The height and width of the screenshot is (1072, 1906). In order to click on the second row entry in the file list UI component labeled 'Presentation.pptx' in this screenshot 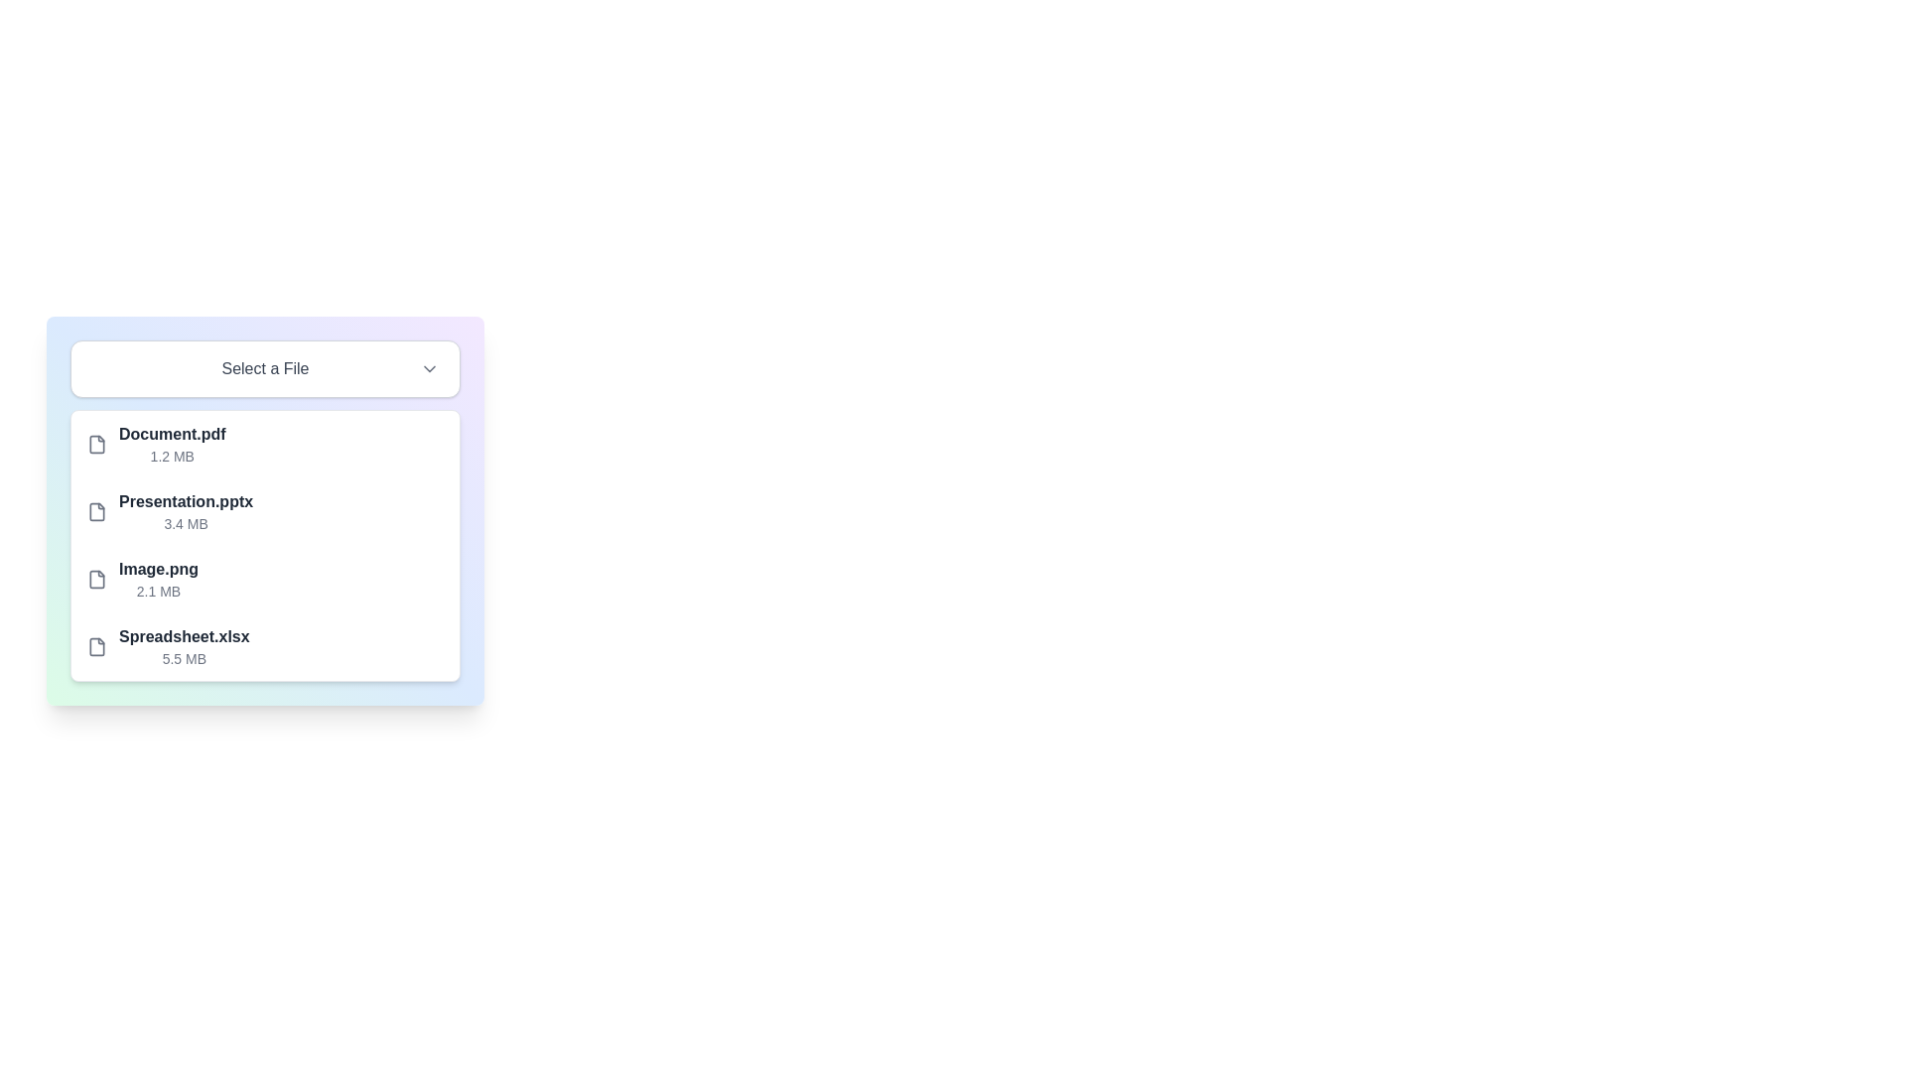, I will do `click(264, 511)`.